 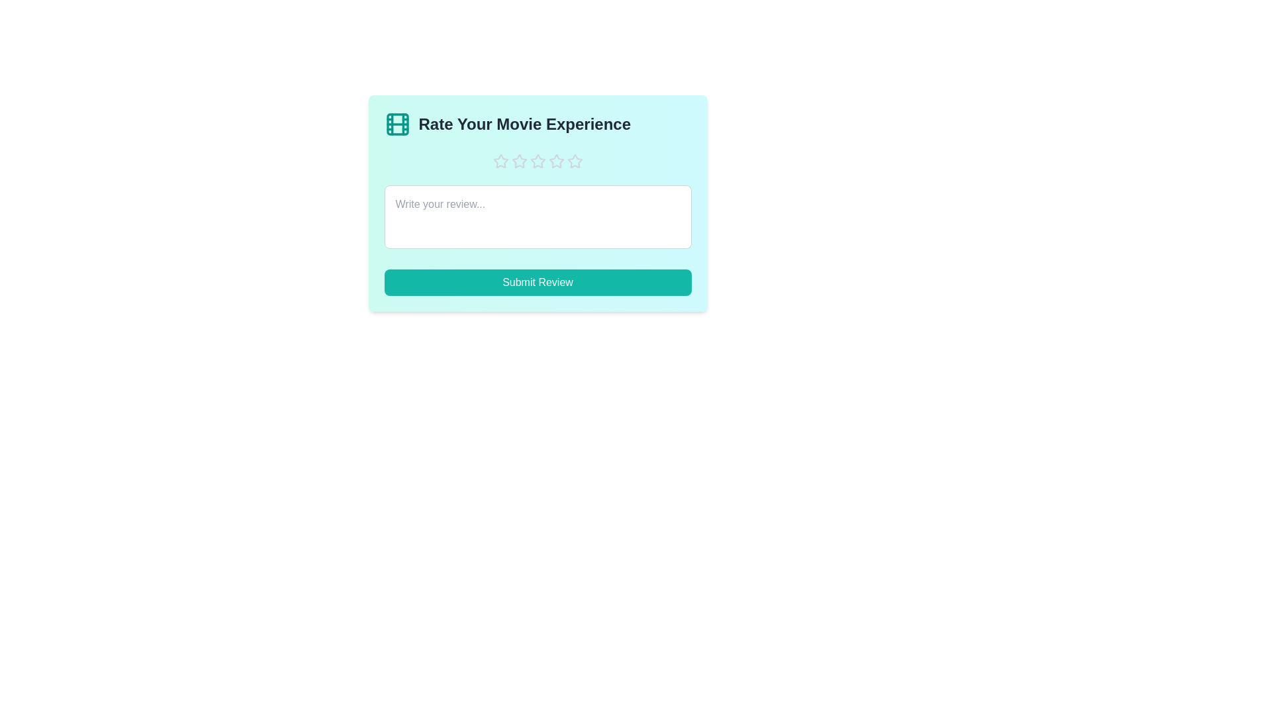 I want to click on the star corresponding to the rating 2 to set the movie experience rating, so click(x=518, y=160).